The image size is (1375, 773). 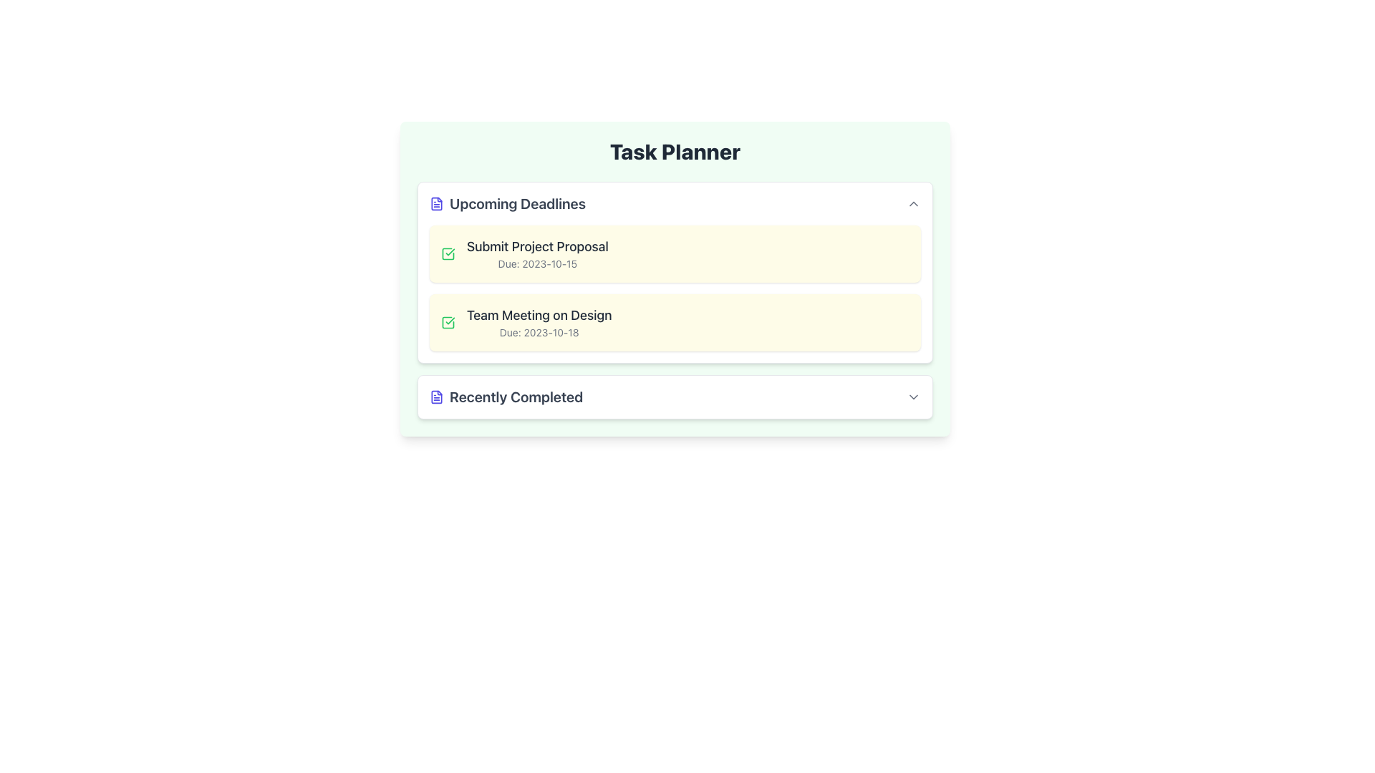 I want to click on the downward-pointing chevron icon located at the far right of the 'Recently Completed' section, so click(x=913, y=397).